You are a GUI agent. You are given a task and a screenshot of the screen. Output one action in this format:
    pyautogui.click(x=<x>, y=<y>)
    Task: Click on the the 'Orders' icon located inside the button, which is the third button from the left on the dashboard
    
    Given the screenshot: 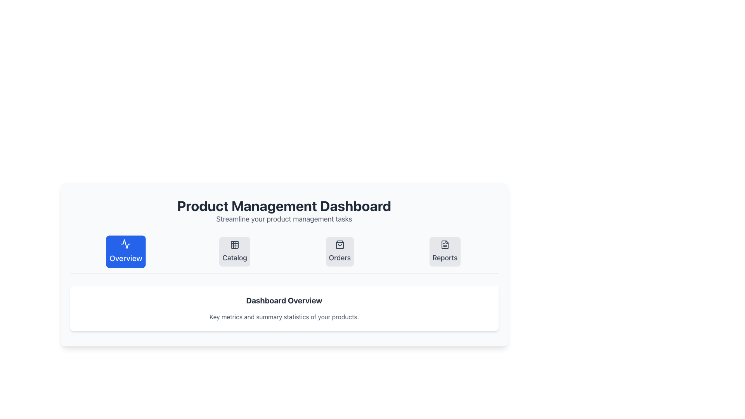 What is the action you would take?
    pyautogui.click(x=340, y=245)
    